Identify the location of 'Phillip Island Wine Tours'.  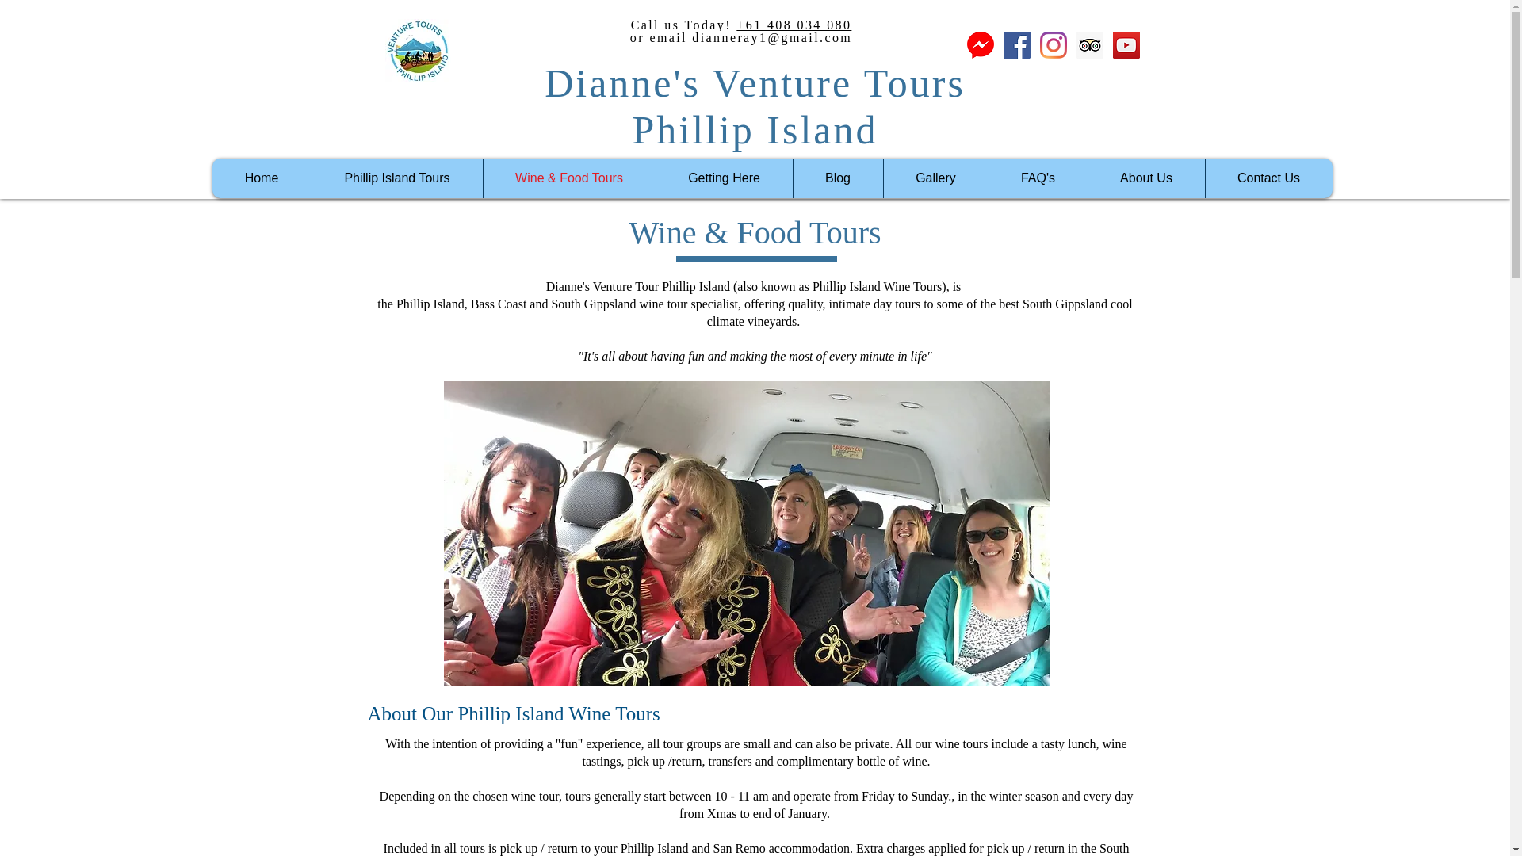
(876, 286).